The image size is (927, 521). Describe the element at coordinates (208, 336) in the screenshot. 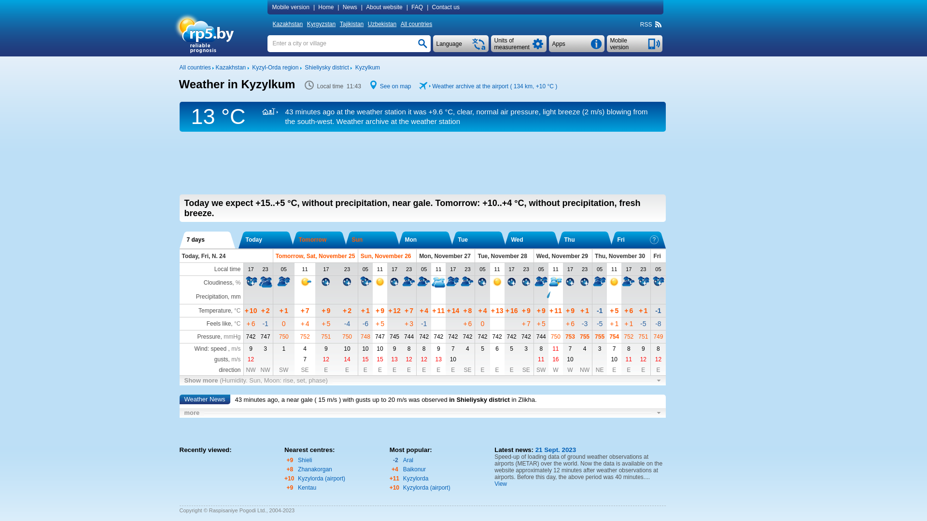

I see `'Pressure'` at that location.